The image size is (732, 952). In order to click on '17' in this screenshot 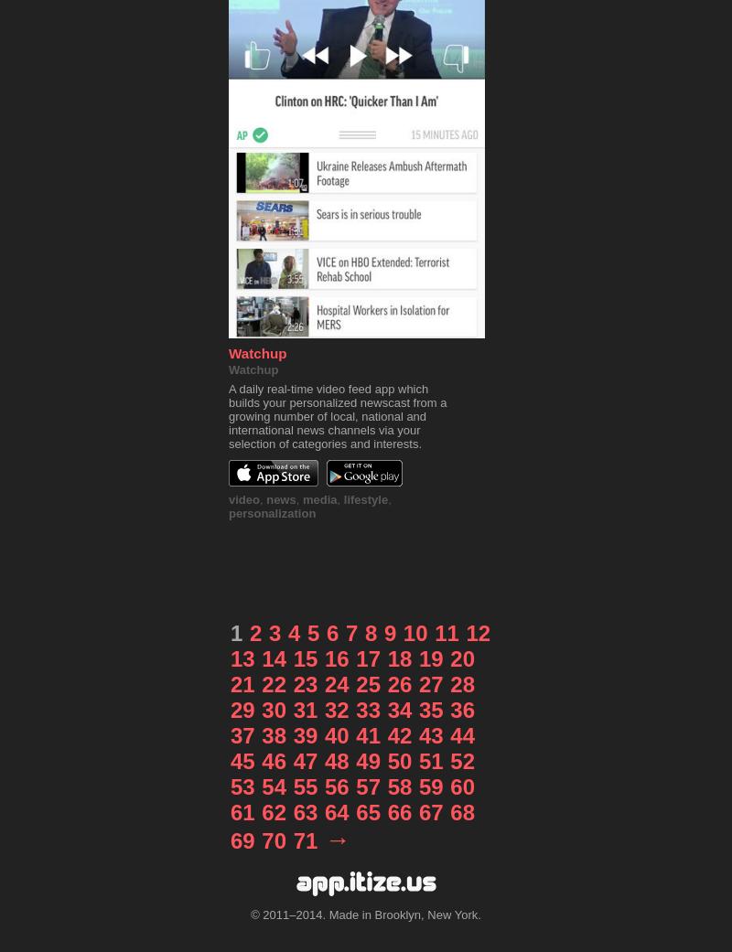, I will do `click(355, 658)`.